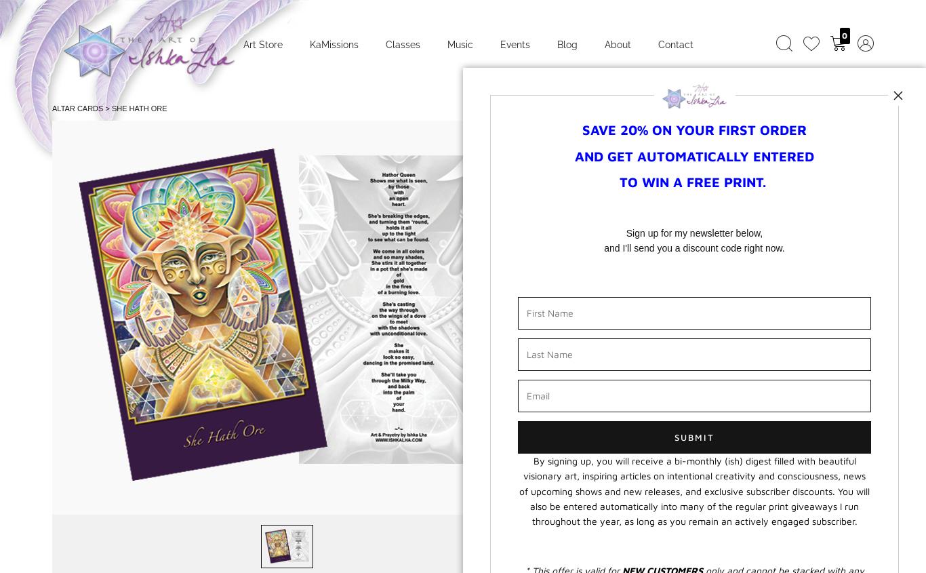 This screenshot has height=573, width=926. I want to click on 'GET AUTOMATICALLY ENTERED', so click(710, 155).